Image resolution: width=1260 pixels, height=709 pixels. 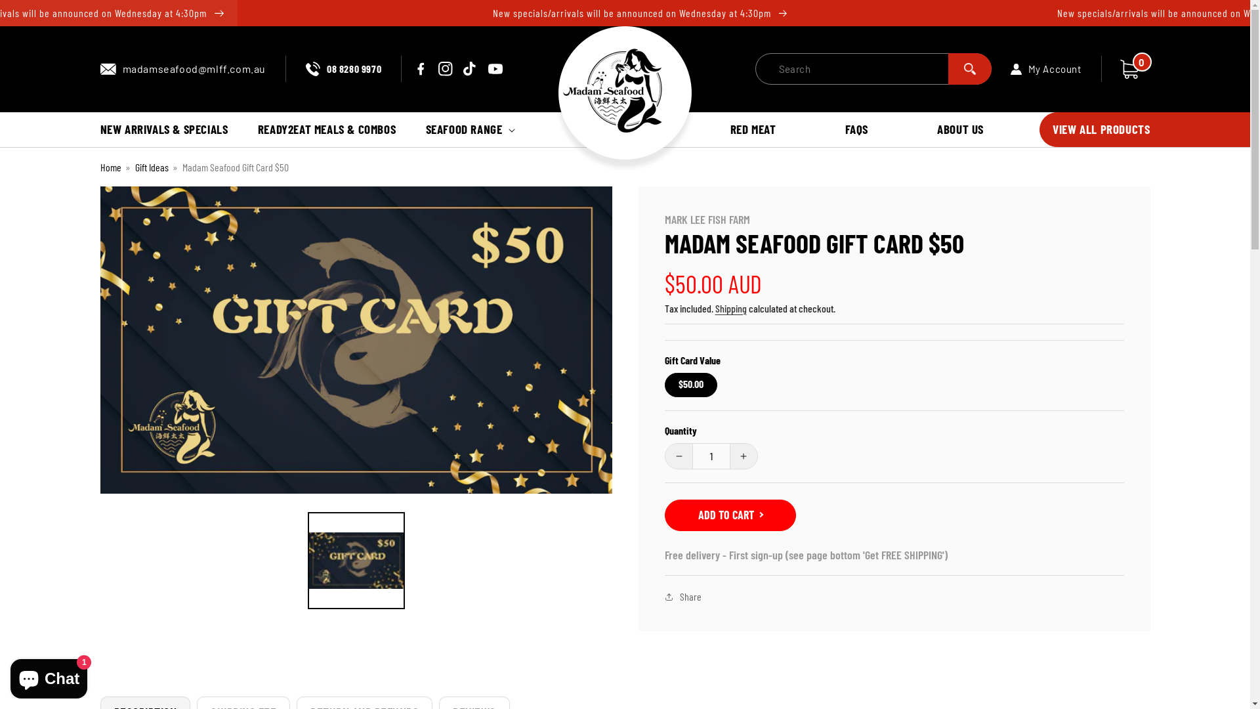 I want to click on 'TikTok', so click(x=470, y=68).